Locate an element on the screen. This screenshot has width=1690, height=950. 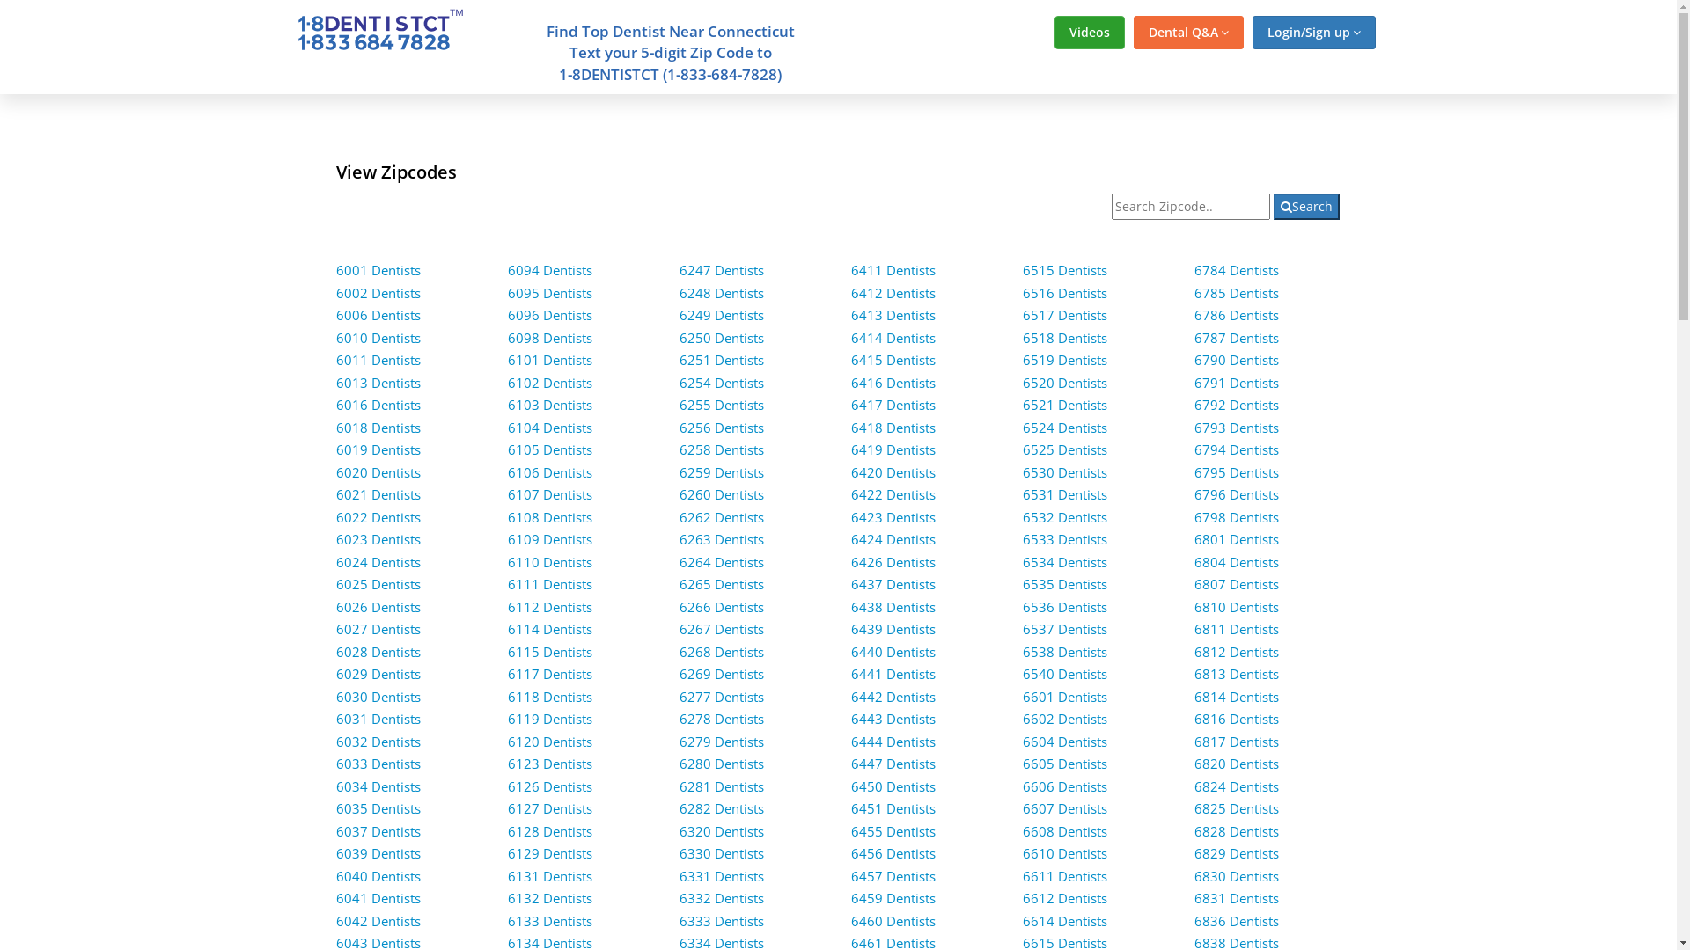
'6128 Dentists' is located at coordinates (548, 831).